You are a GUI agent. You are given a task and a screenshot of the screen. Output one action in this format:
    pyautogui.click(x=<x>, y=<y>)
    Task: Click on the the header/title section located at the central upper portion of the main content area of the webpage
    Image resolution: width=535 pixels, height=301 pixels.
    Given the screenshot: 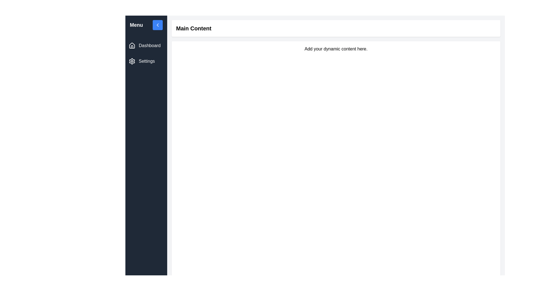 What is the action you would take?
    pyautogui.click(x=335, y=28)
    